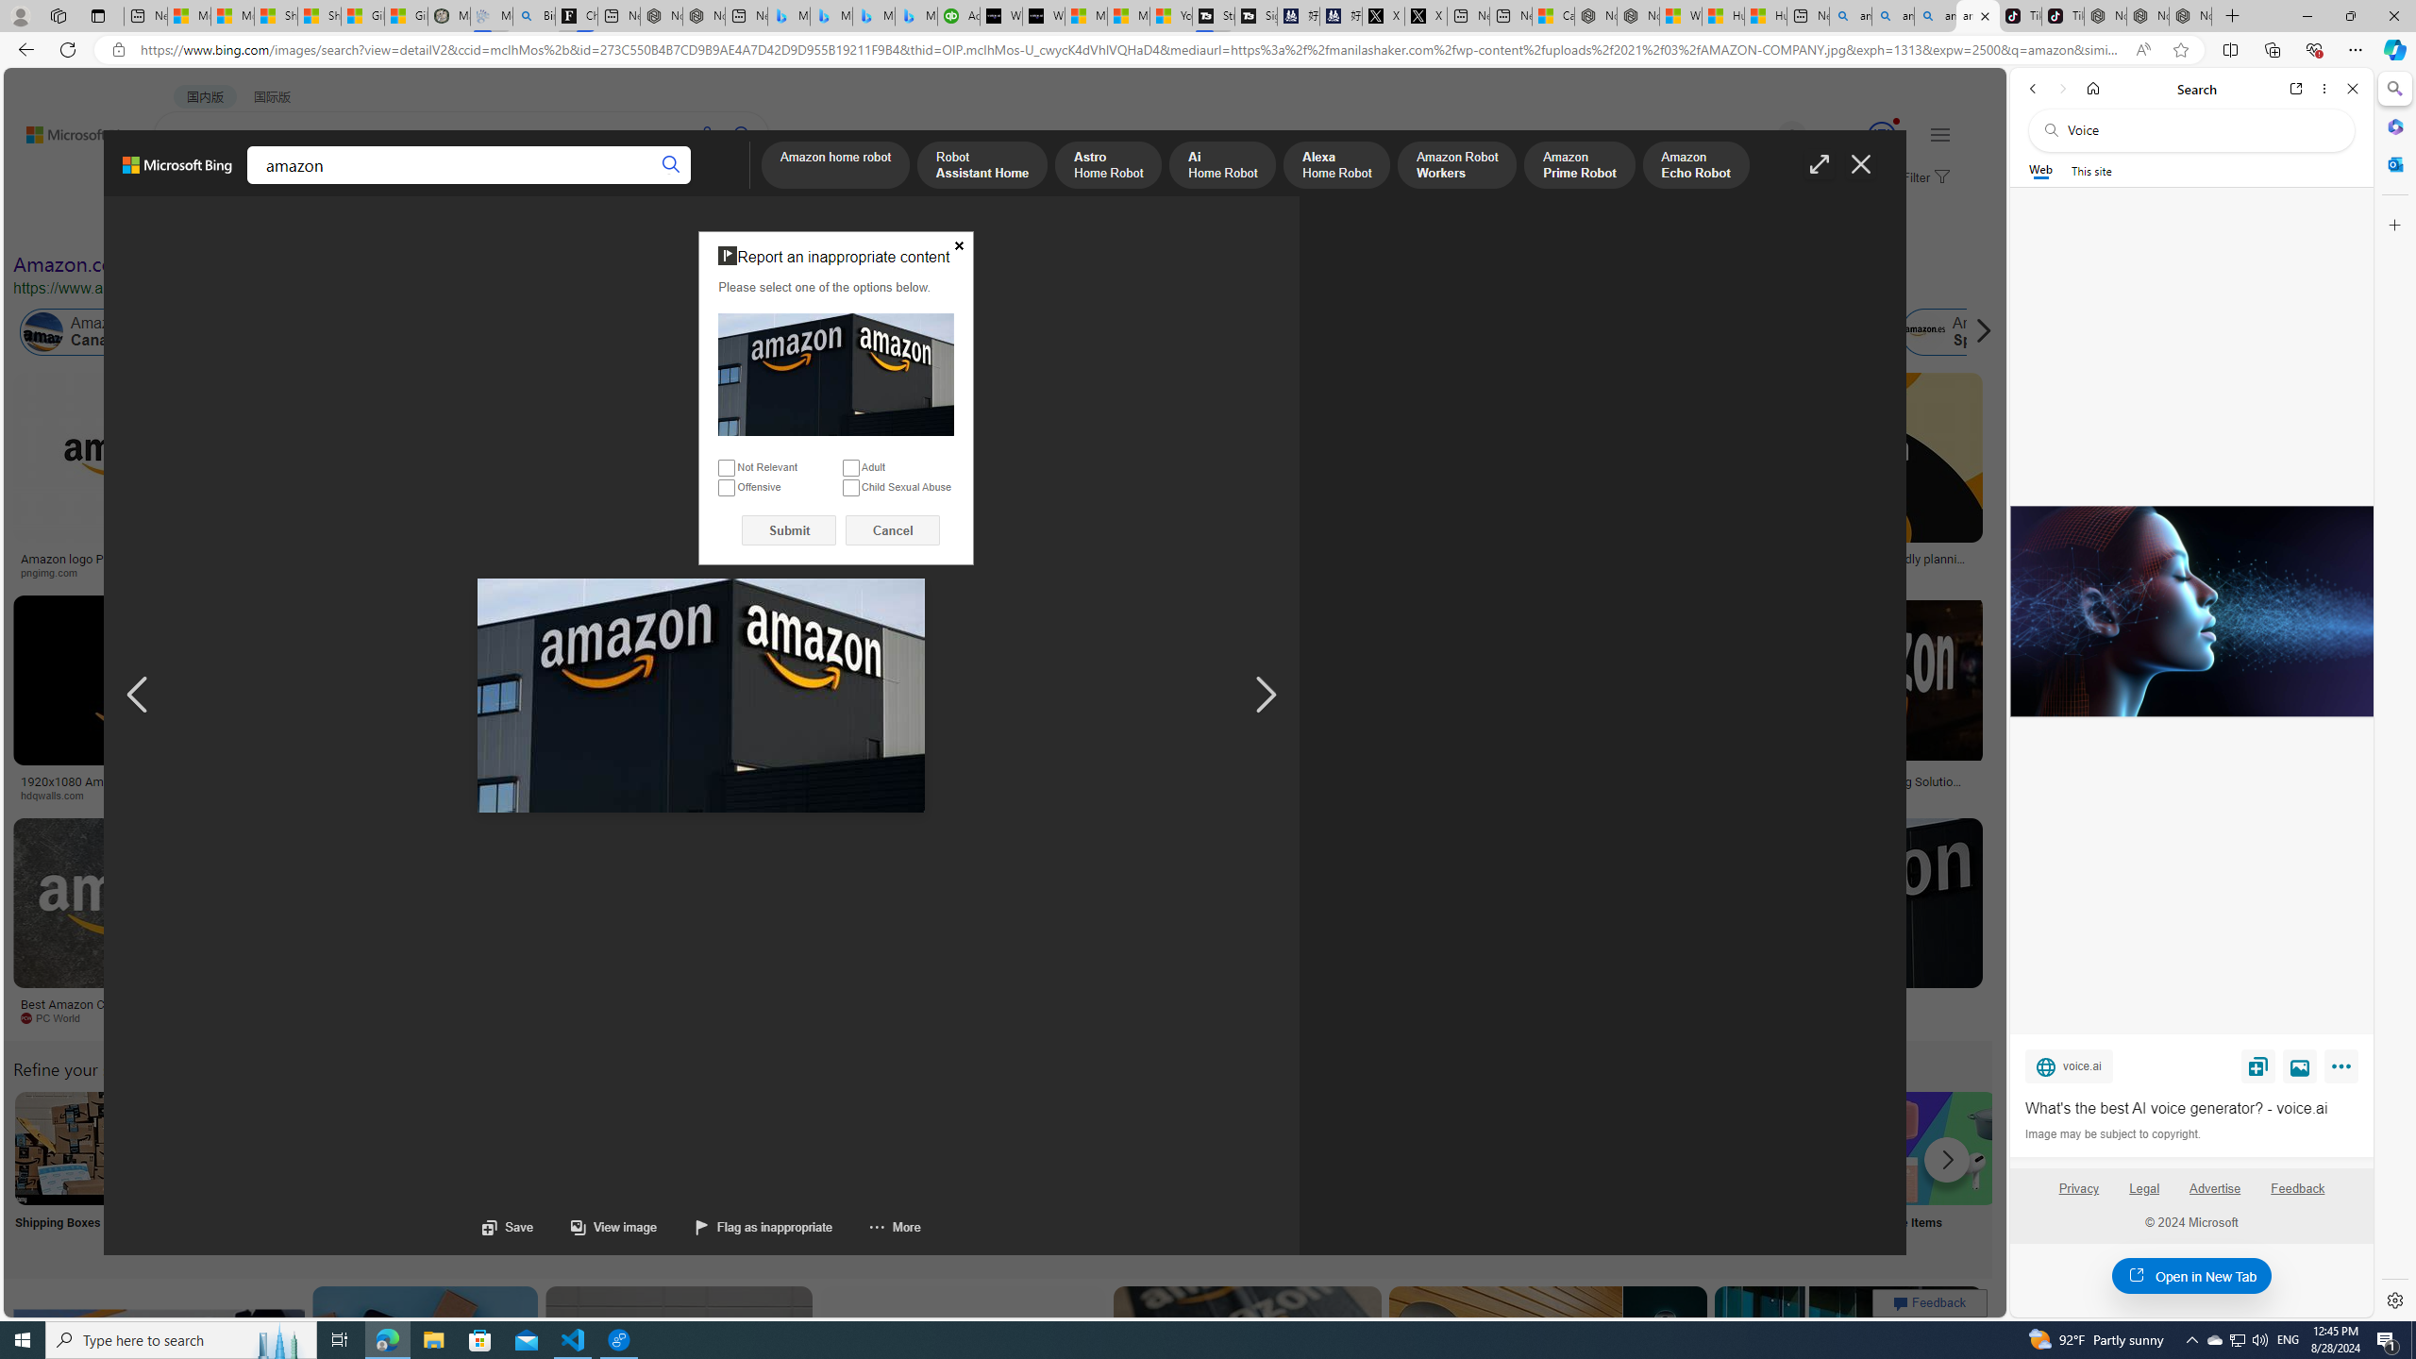 The height and width of the screenshot is (1359, 2416). I want to click on 'Open in New Tab', so click(2192, 1275).